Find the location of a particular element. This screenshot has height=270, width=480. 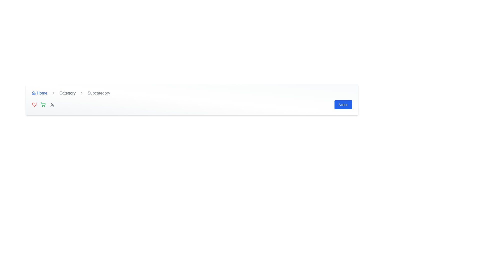

the heart icon, which is the first item in a group of three icons in the bottom left corner of the page, to favorite the related item is located at coordinates (34, 104).